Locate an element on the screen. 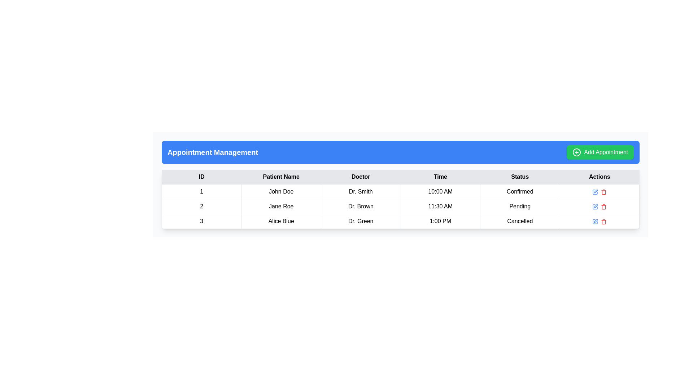  the table cell that displays the text 'Jane Roe' located in the 'Patient Name' column of the second row is located at coordinates (281, 206).